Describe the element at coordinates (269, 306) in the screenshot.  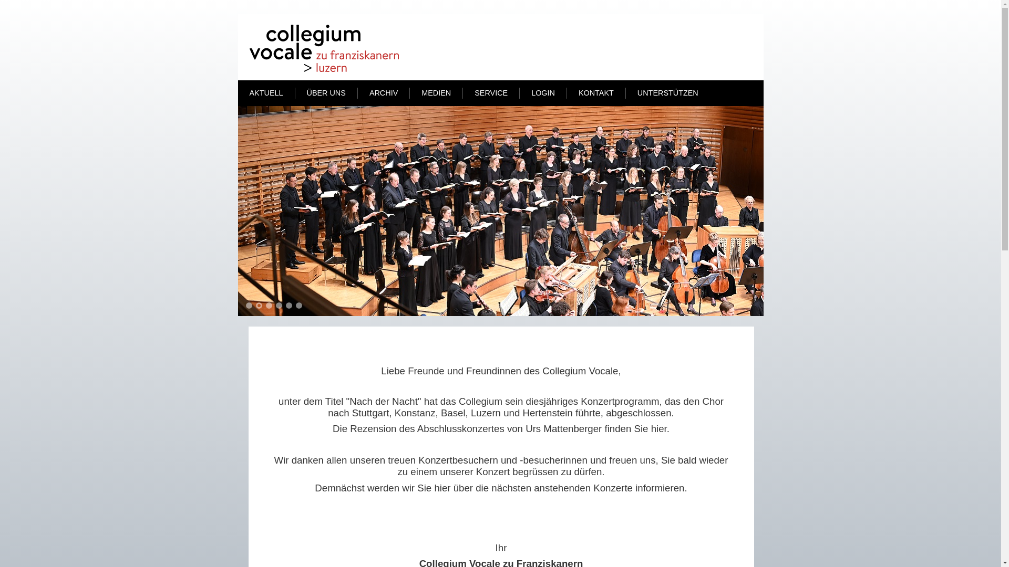
I see `'3'` at that location.